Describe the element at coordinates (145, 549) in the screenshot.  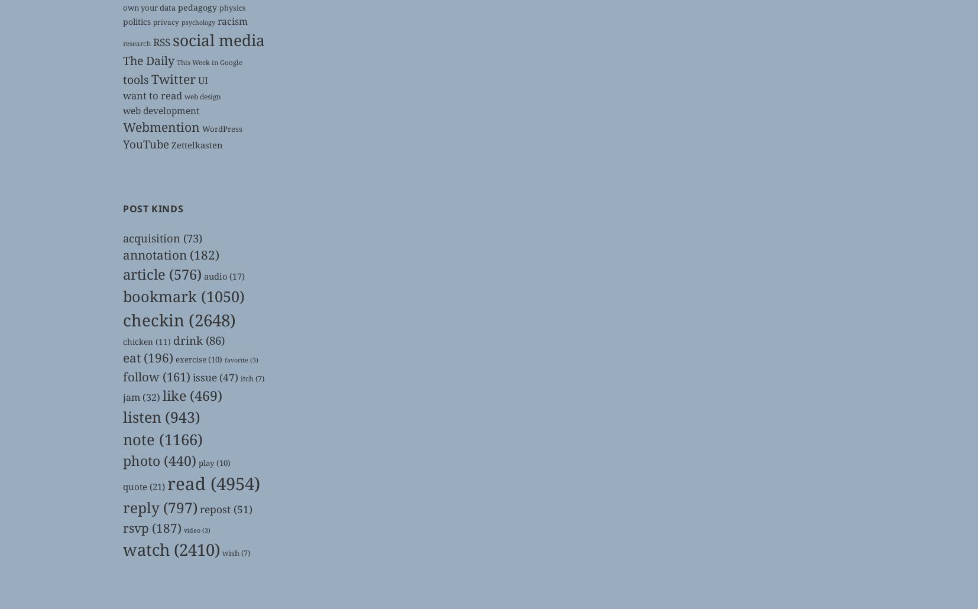
I see `'watch'` at that location.